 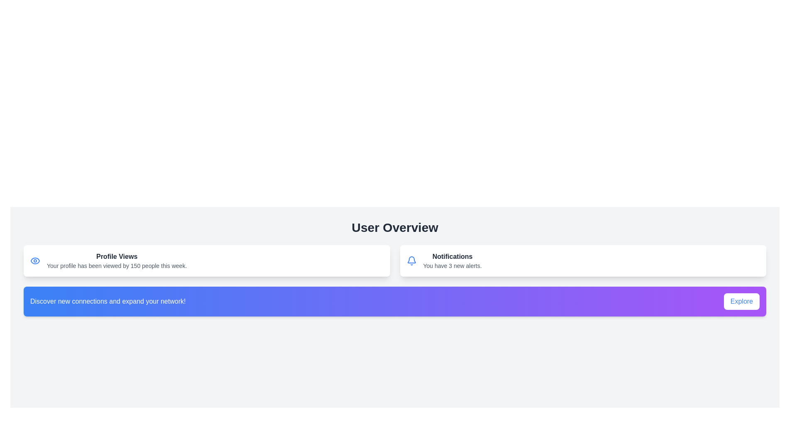 I want to click on the bell icon with a blue outline located in the top-left corner of the notification card labeled 'Notifications', so click(x=411, y=260).